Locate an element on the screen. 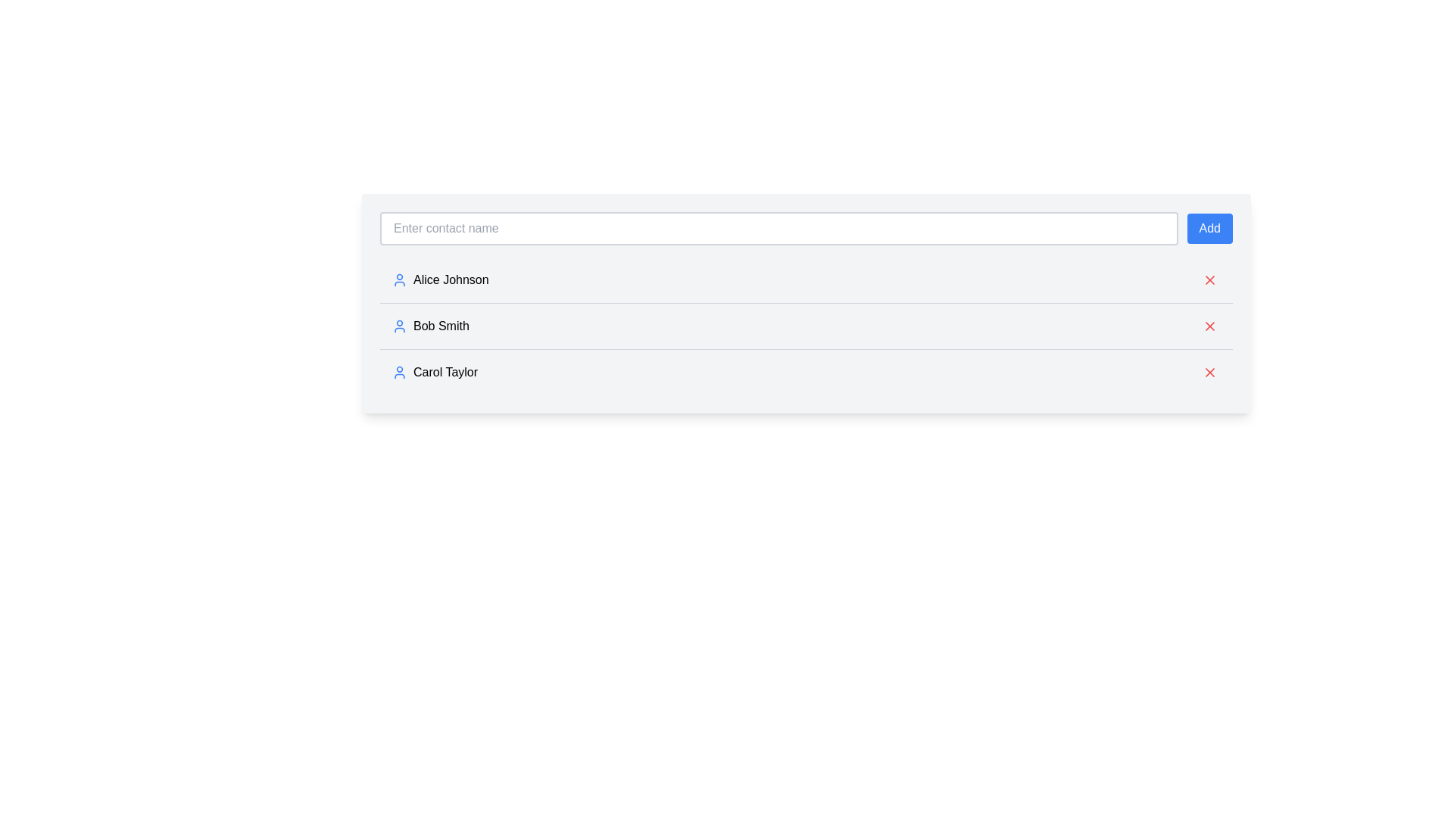 This screenshot has height=818, width=1454. the text label displaying 'Carol Taylor' is located at coordinates (434, 373).